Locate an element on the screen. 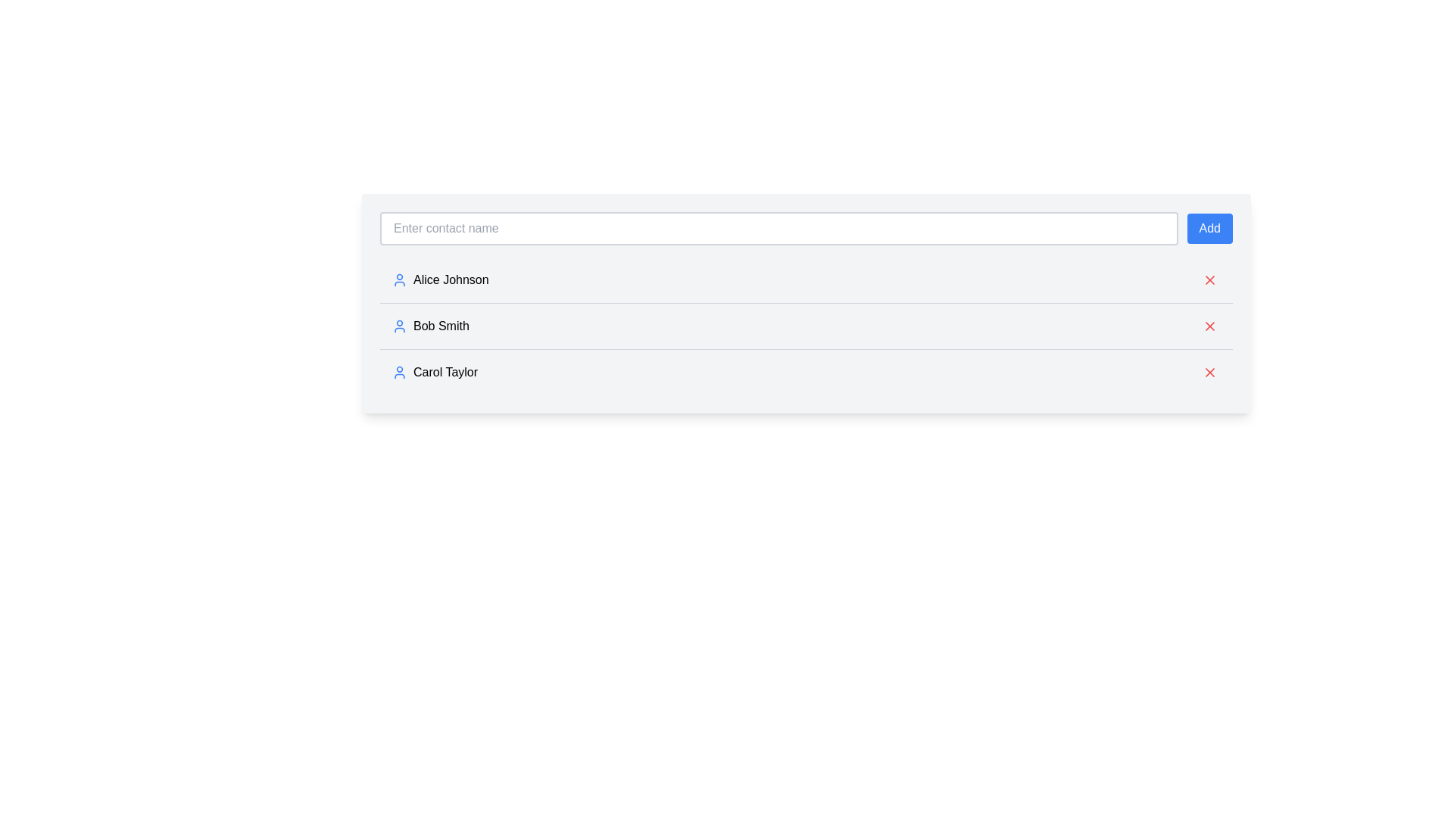 This screenshot has height=818, width=1454. the text label displaying 'Carol Taylor' is located at coordinates (434, 373).